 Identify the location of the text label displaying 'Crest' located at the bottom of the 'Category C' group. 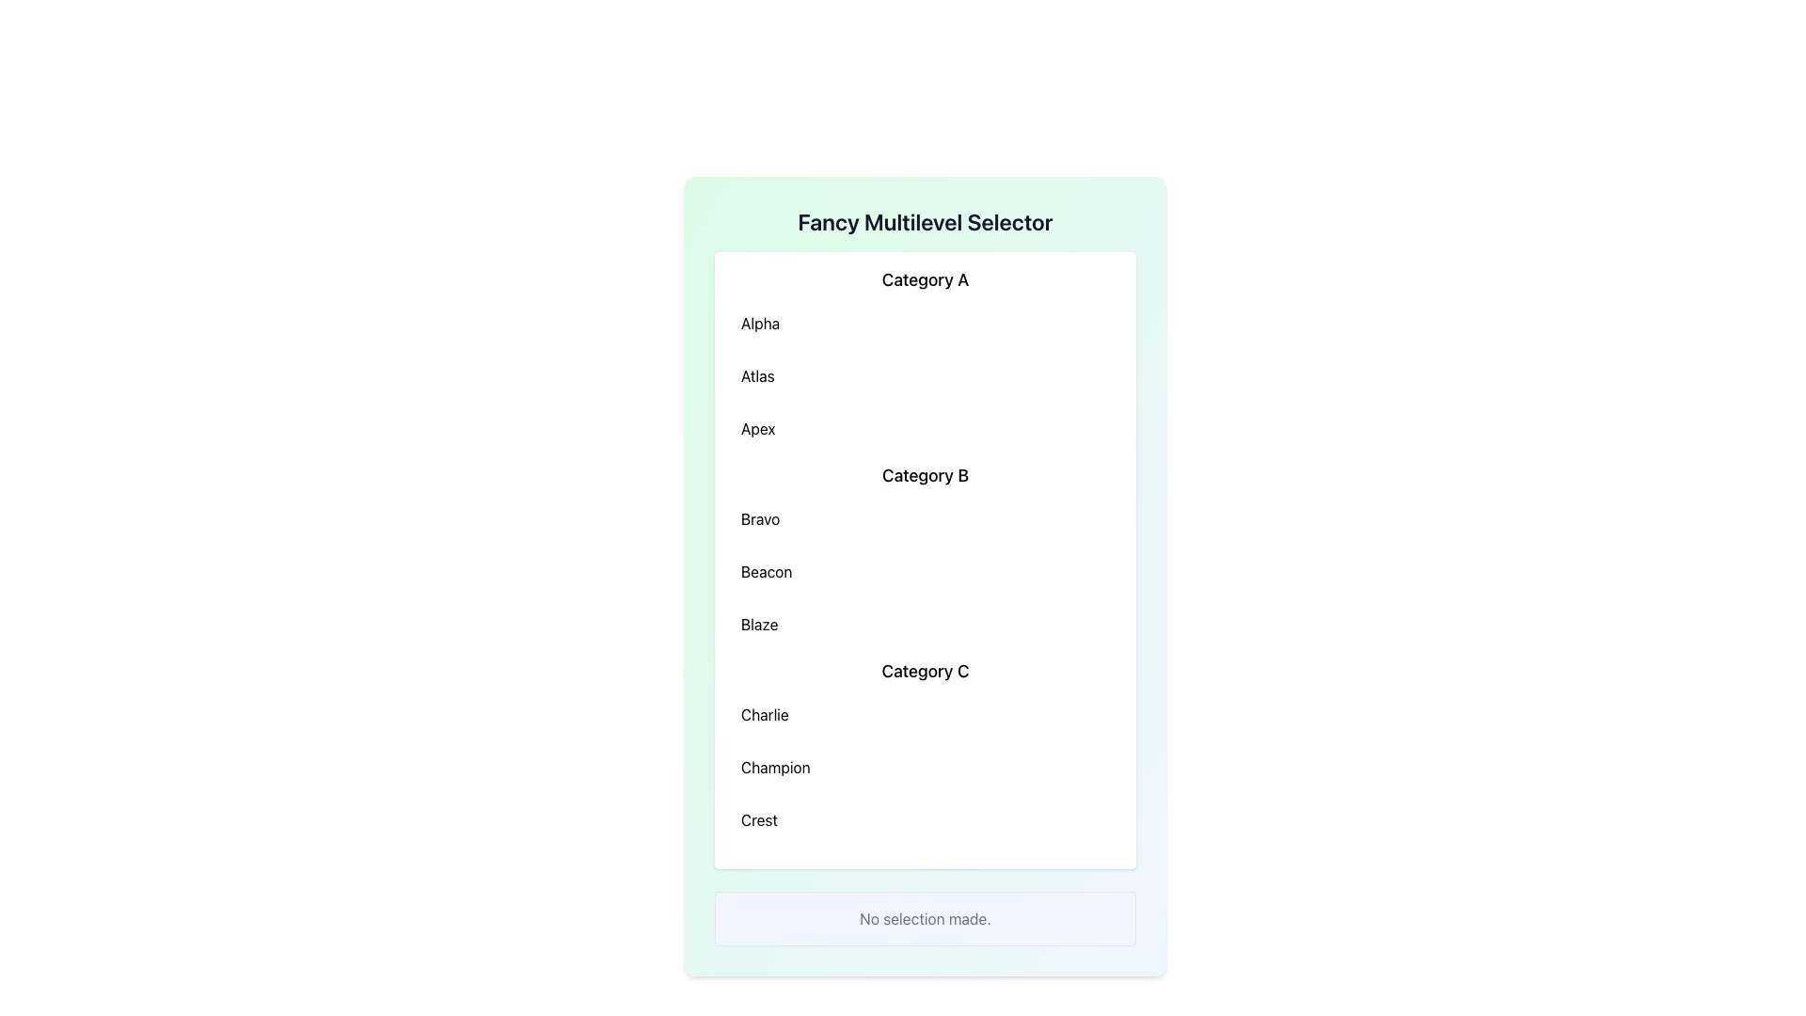
(759, 818).